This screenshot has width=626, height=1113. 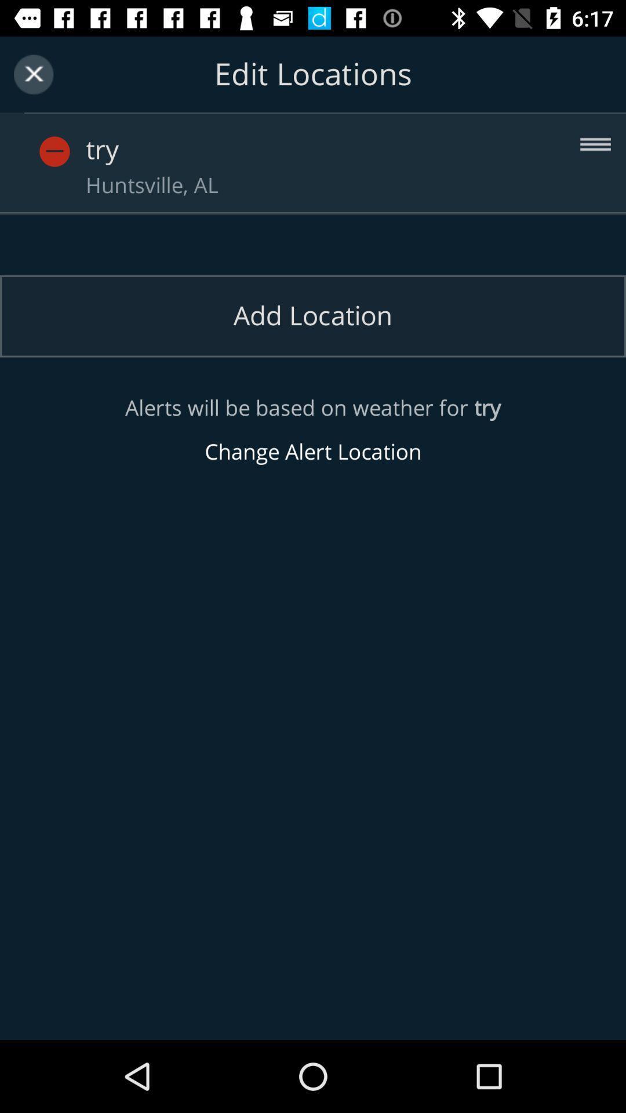 What do you see at coordinates (54, 151) in the screenshot?
I see `delete` at bounding box center [54, 151].